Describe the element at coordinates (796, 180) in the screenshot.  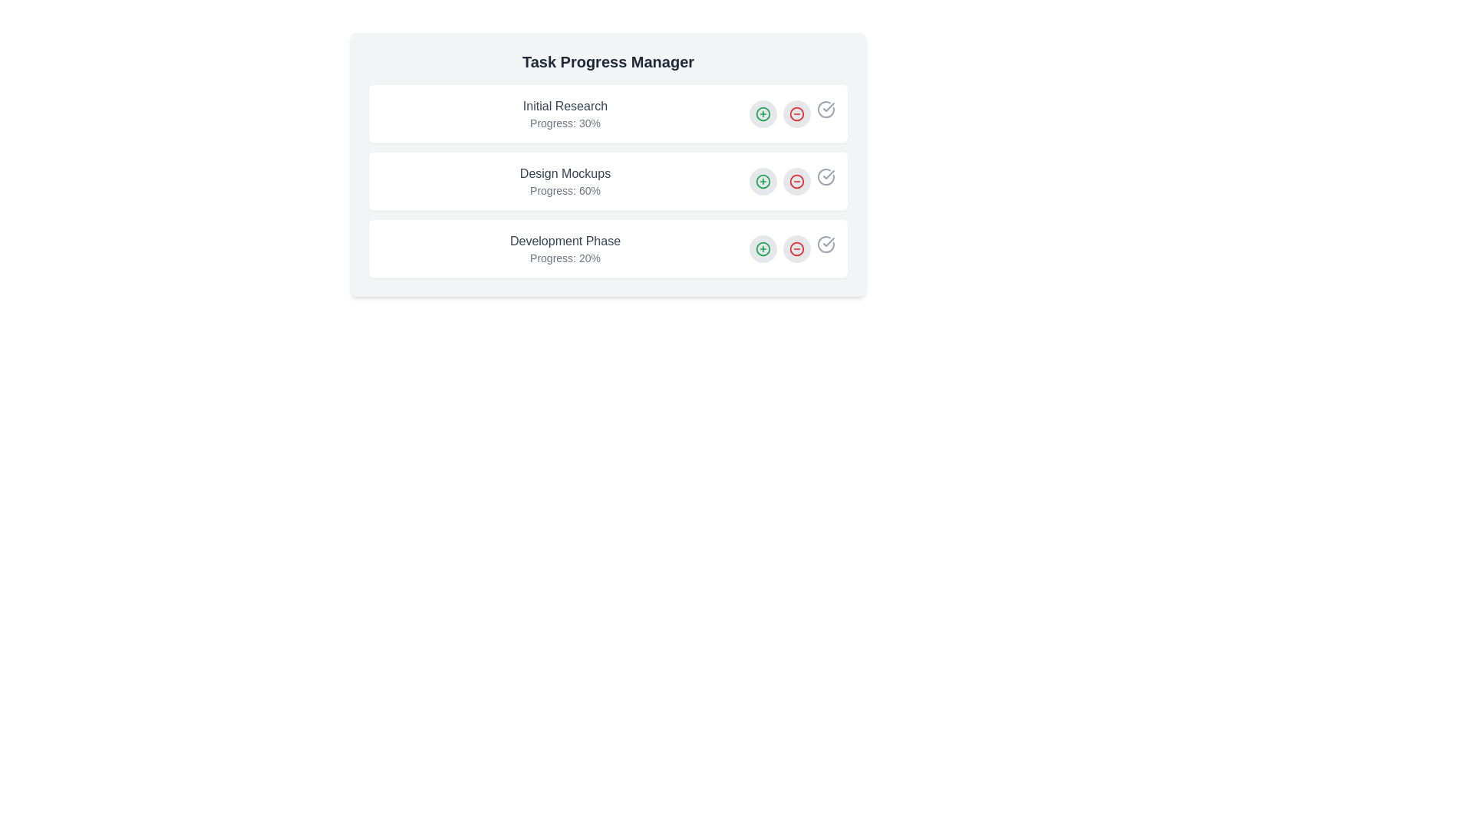
I see `the circular button with a gray background and red icon, which is the second button in the action set for the 'Design Mockups' task` at that location.